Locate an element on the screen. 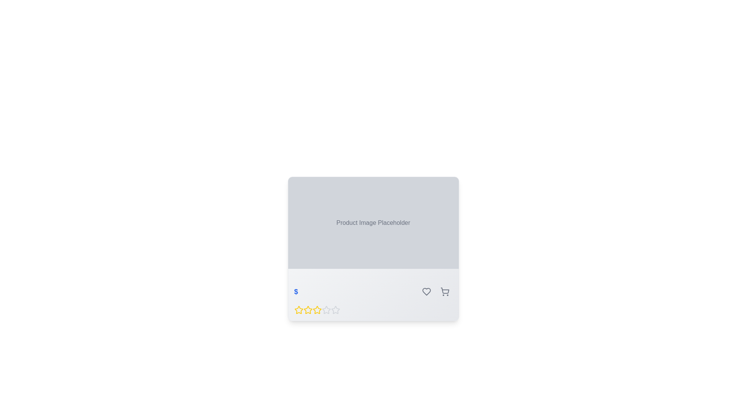 The height and width of the screenshot is (413, 734). the shopping cart icon located in the bottom-right corner of the interface is located at coordinates (445, 292).